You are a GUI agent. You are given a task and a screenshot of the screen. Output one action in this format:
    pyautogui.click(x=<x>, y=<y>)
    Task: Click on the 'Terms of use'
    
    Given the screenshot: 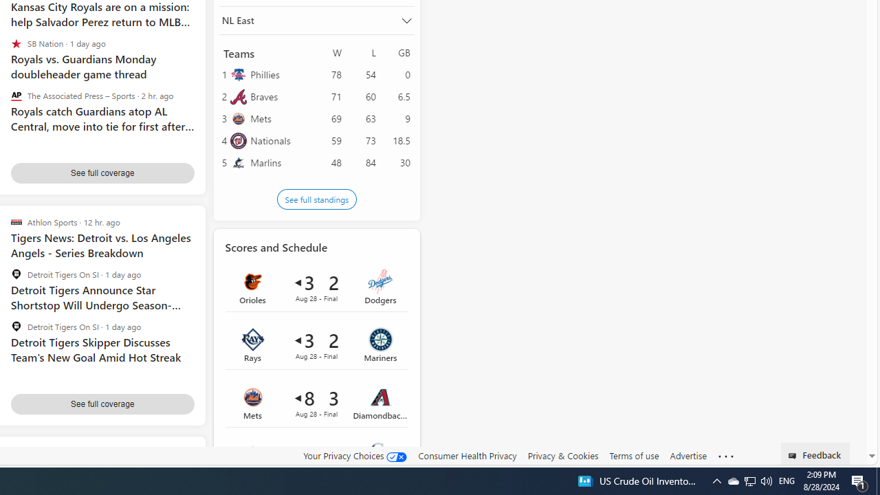 What is the action you would take?
    pyautogui.click(x=633, y=455)
    